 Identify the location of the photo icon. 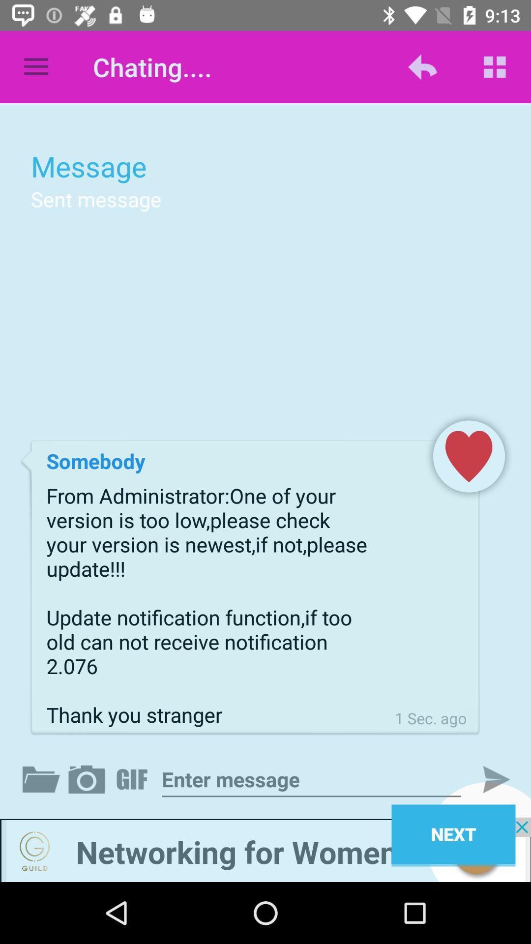
(88, 779).